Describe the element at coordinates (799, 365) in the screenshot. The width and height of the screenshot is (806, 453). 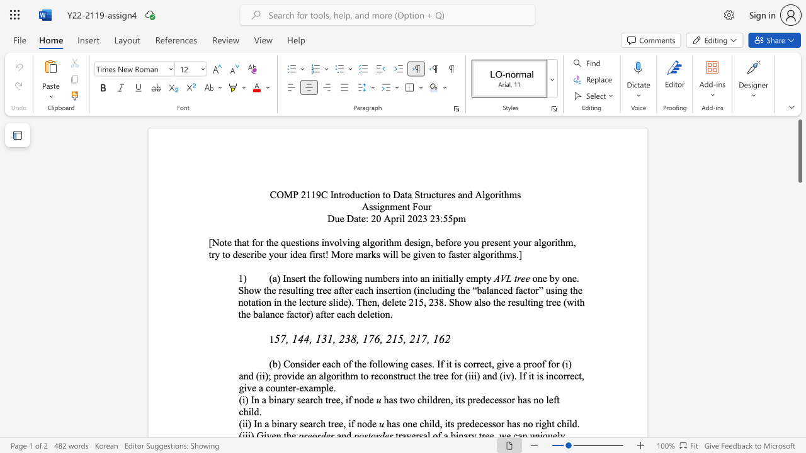
I see `the scrollbar to scroll downward` at that location.